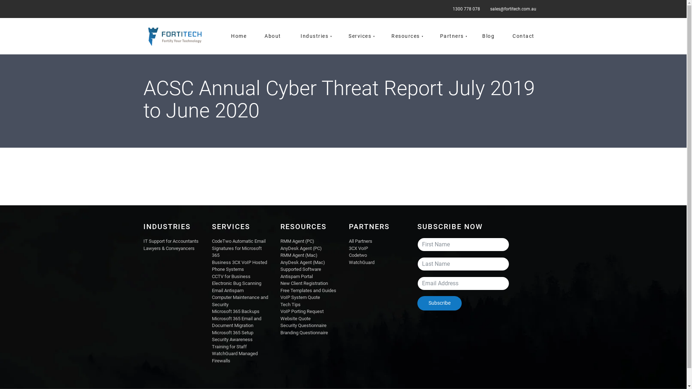  What do you see at coordinates (297, 241) in the screenshot?
I see `'RMM Agent (PC)'` at bounding box center [297, 241].